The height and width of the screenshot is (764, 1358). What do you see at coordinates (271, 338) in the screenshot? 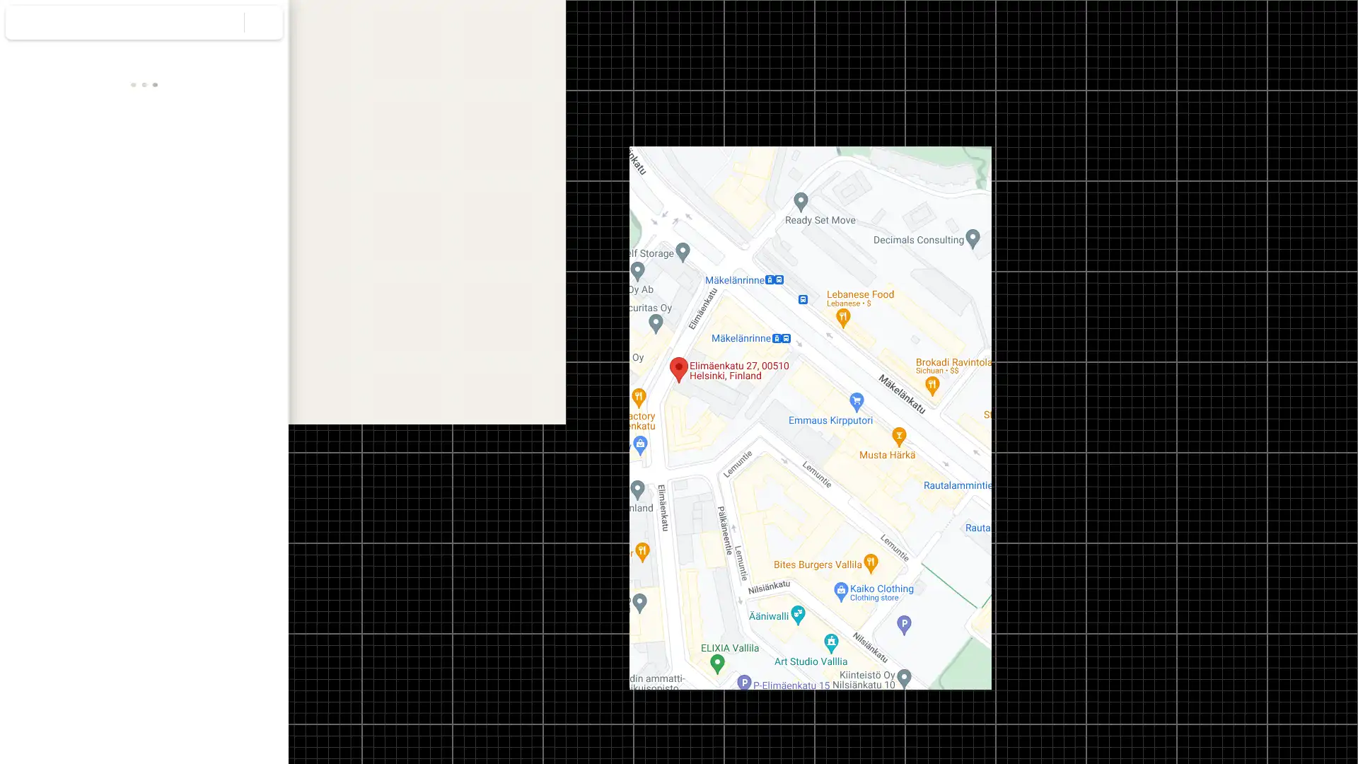
I see `Learn more about plus codes` at bounding box center [271, 338].